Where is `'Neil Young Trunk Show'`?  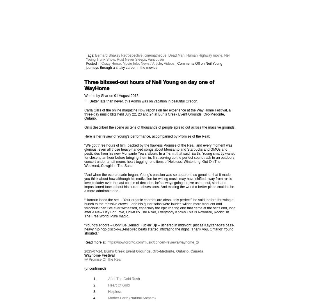
'Neil Young Trunk Show' is located at coordinates (86, 57).